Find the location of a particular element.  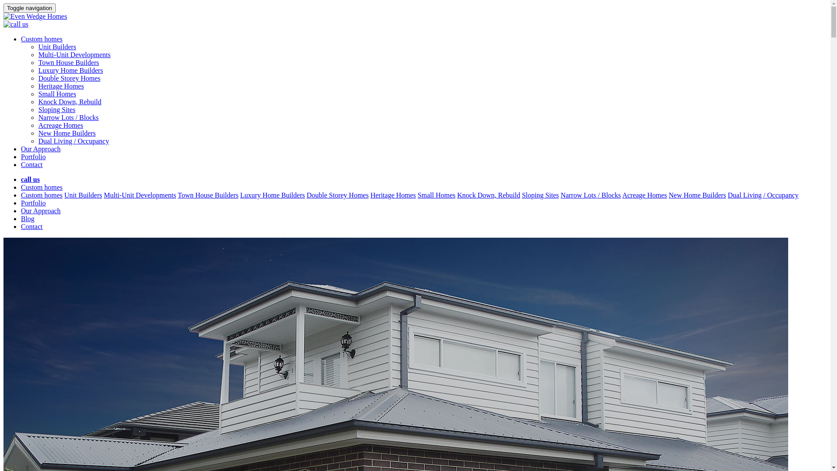

'Our Approach' is located at coordinates (40, 148).